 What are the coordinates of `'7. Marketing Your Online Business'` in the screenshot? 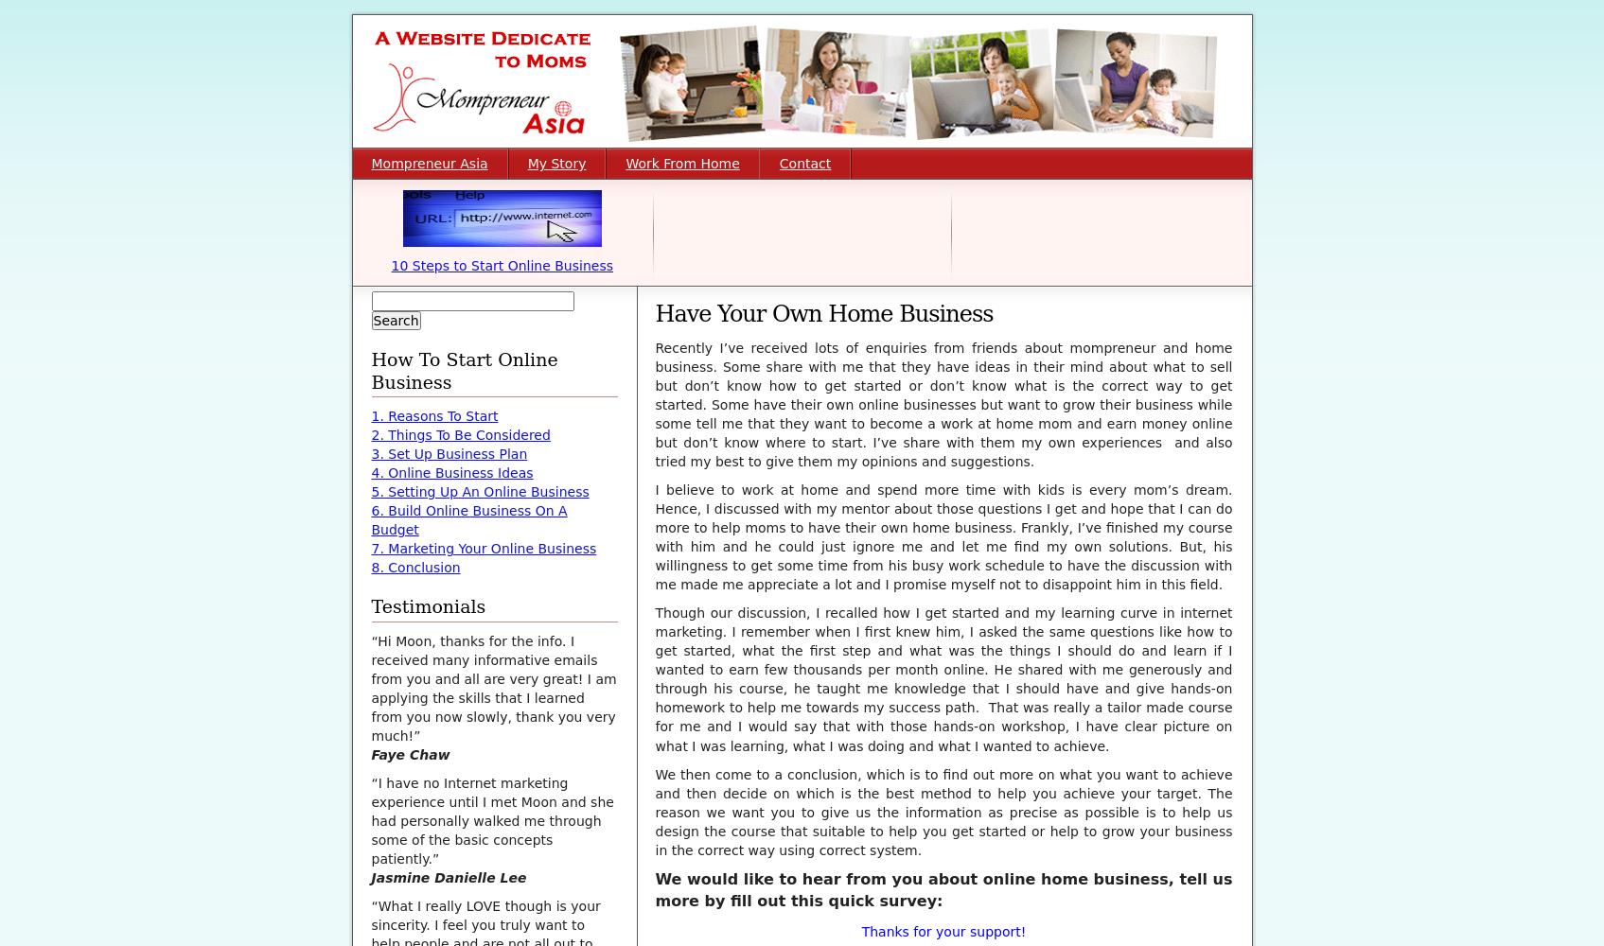 It's located at (483, 548).